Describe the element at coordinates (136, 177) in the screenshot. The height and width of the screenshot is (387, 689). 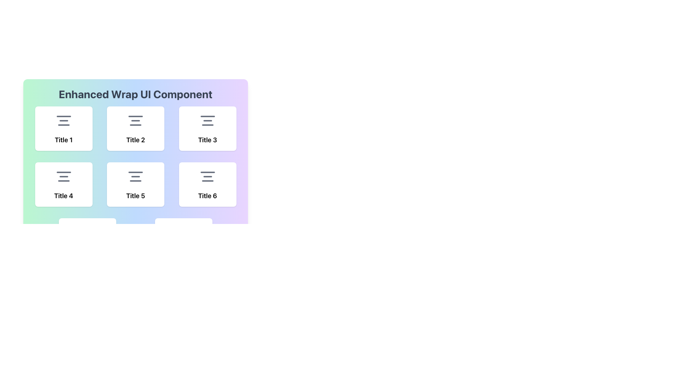
I see `decorative icon located at the top center of the card labeled 'Title 5' by clicking on it` at that location.